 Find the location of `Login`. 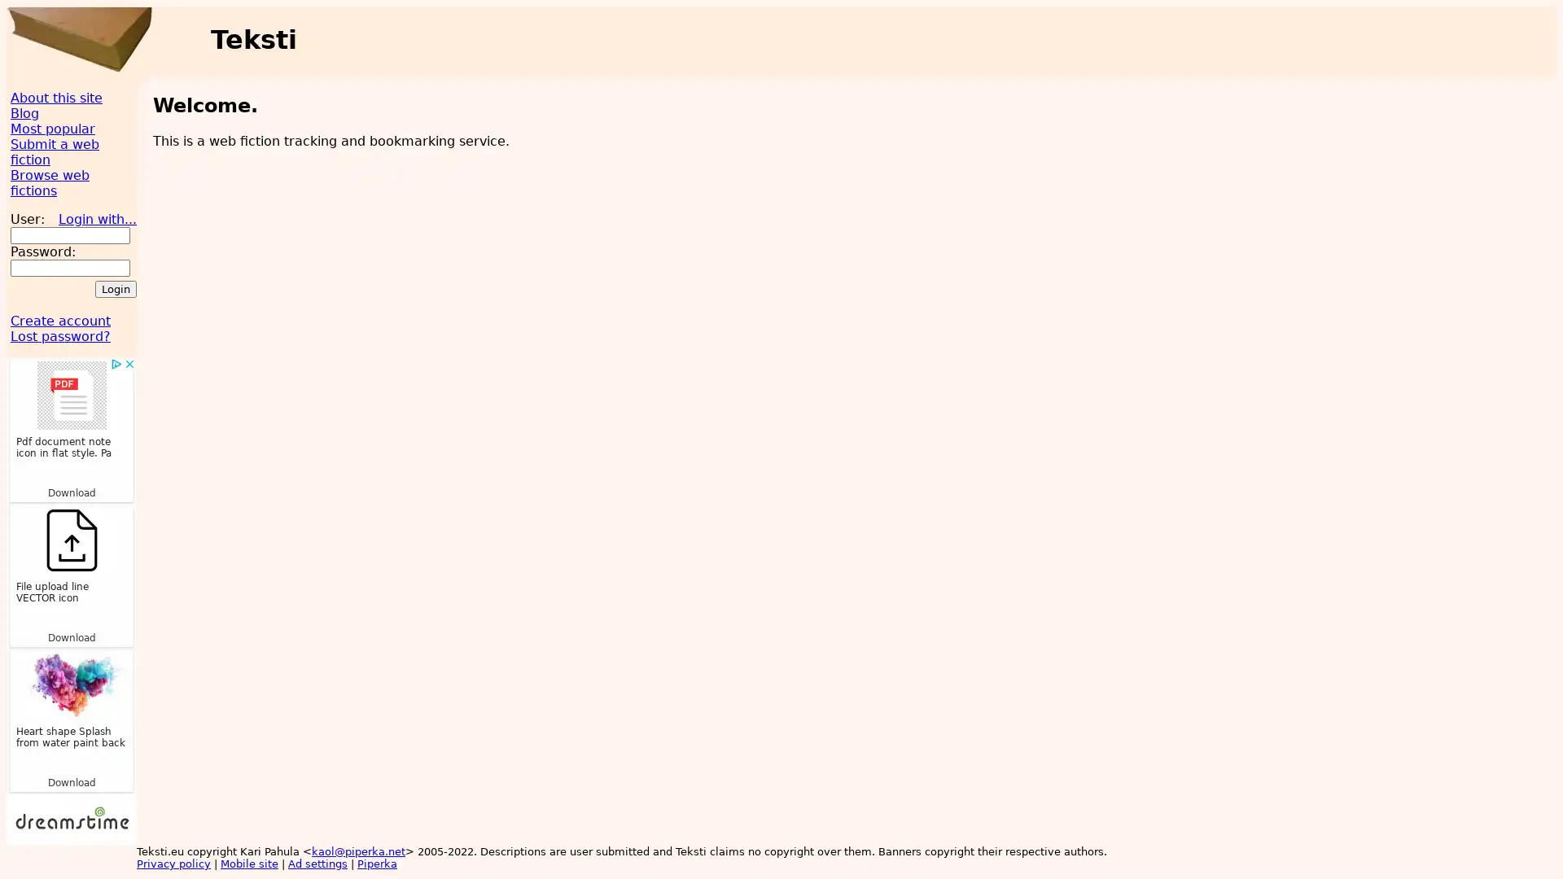

Login is located at coordinates (115, 288).